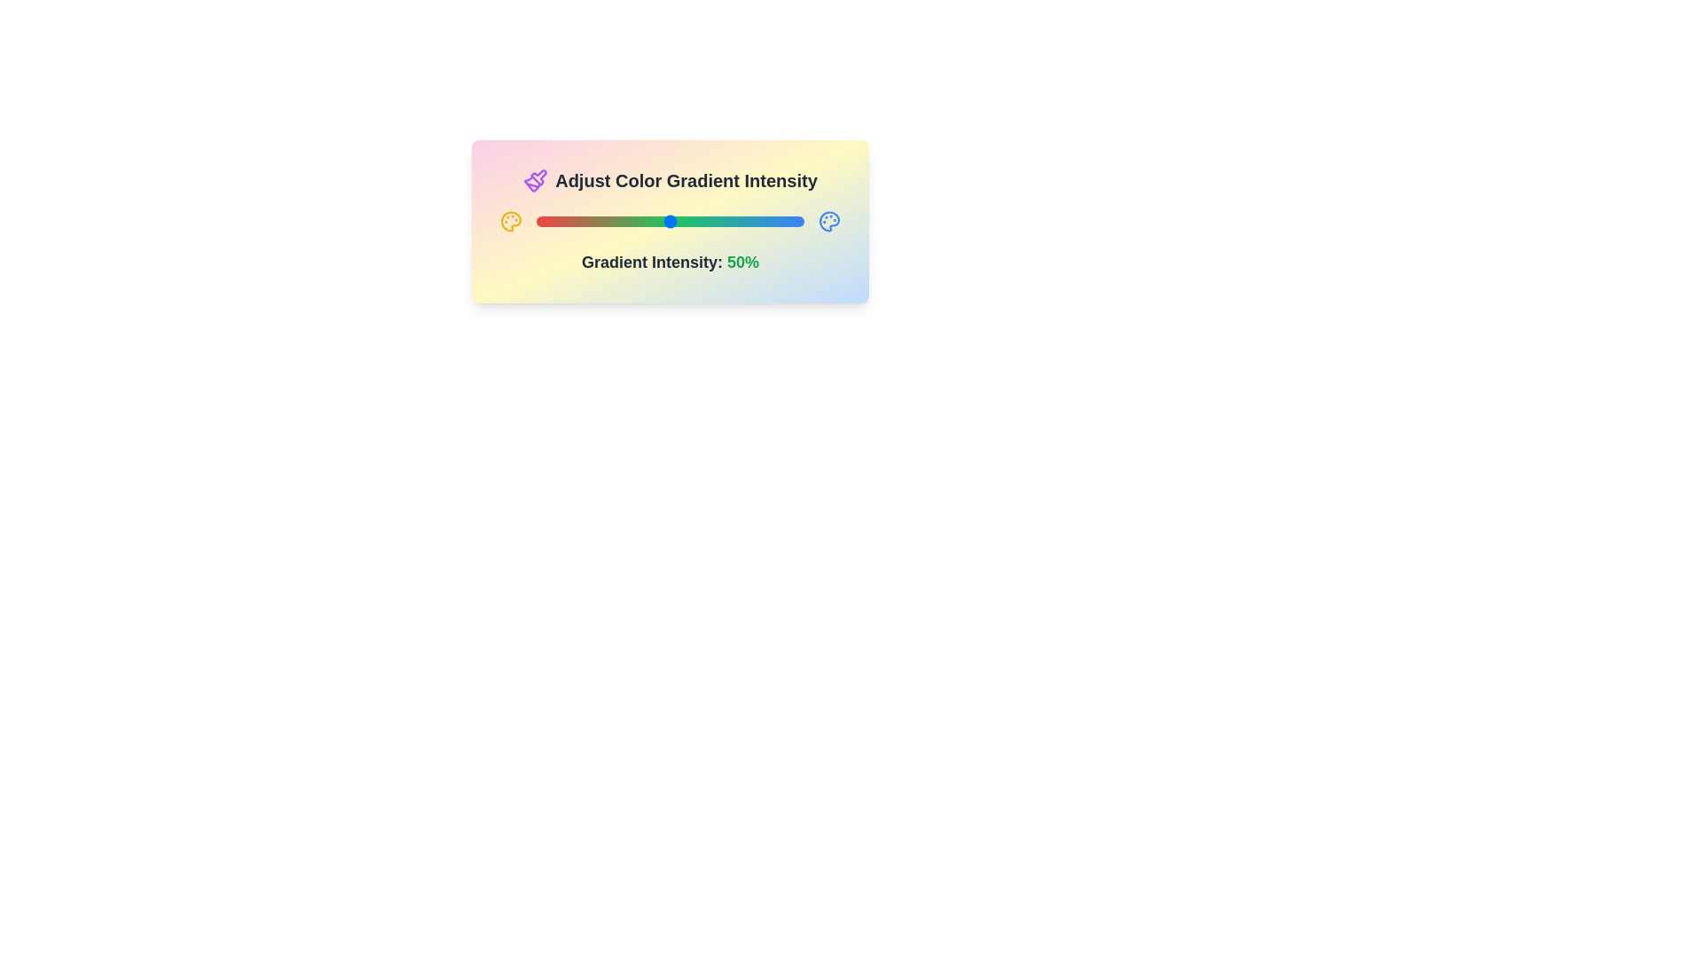 The width and height of the screenshot is (1703, 958). What do you see at coordinates (510, 221) in the screenshot?
I see `the left_palette icon to trigger its interaction` at bounding box center [510, 221].